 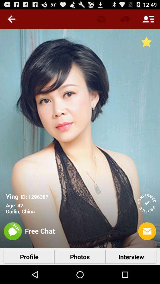 What do you see at coordinates (148, 19) in the screenshot?
I see `your menu icon next to messaging icon` at bounding box center [148, 19].